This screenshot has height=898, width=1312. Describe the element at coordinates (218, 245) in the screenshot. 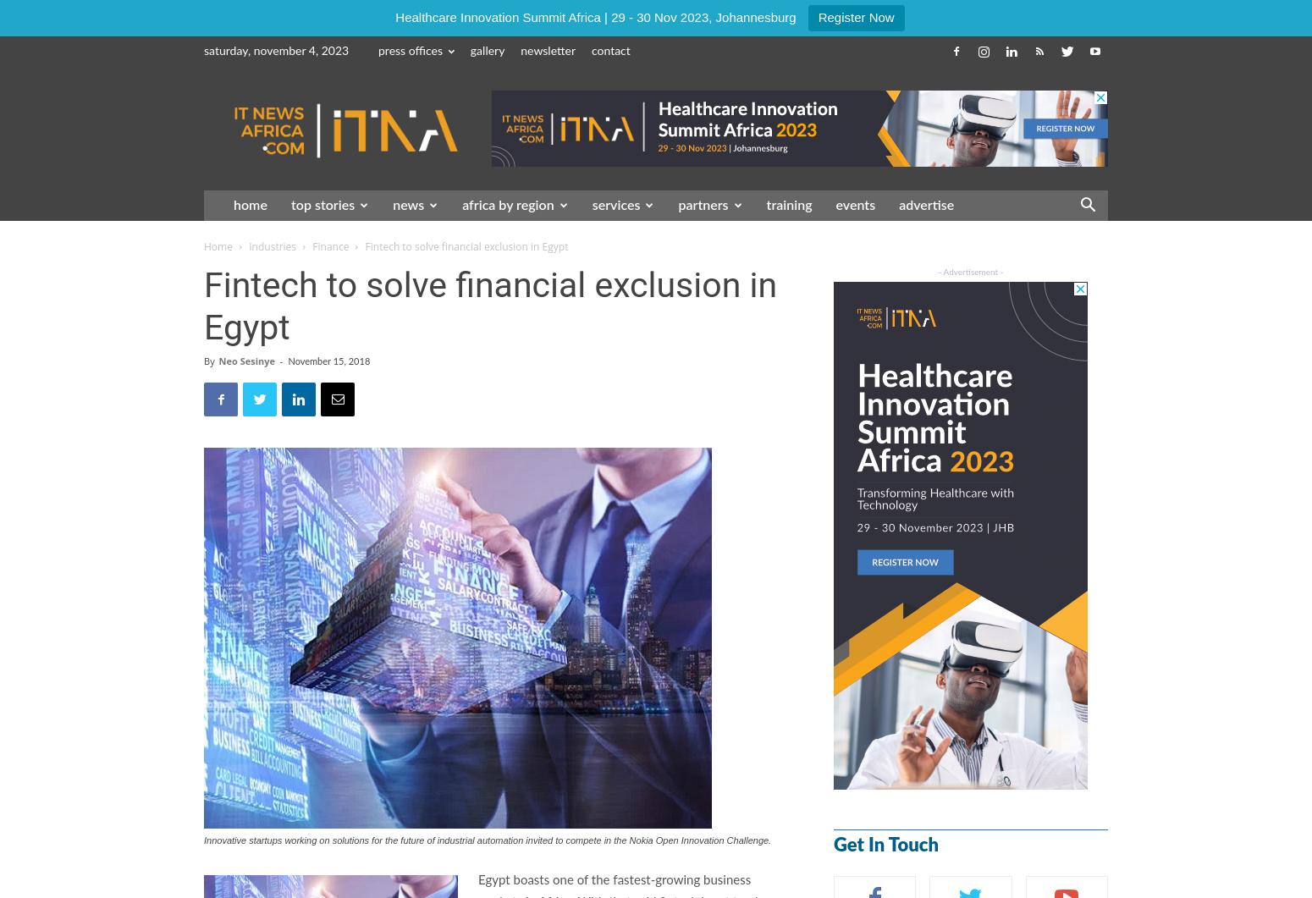

I see `'Home'` at that location.